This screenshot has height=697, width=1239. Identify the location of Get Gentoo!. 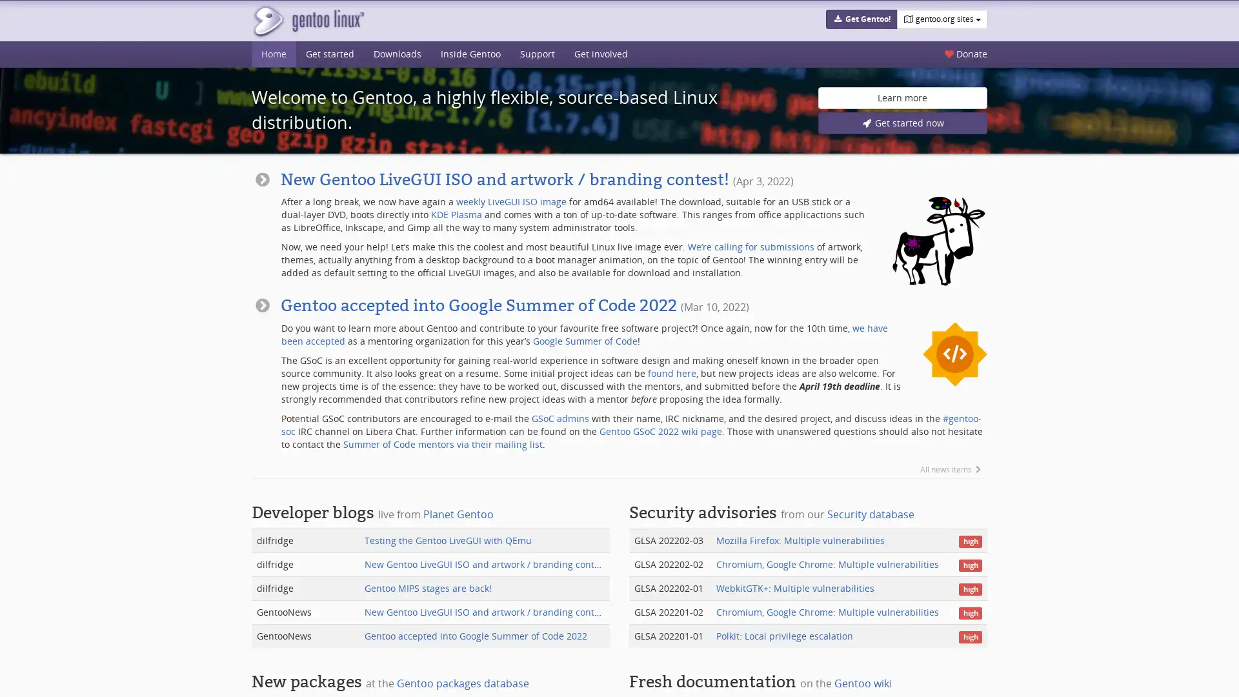
(861, 19).